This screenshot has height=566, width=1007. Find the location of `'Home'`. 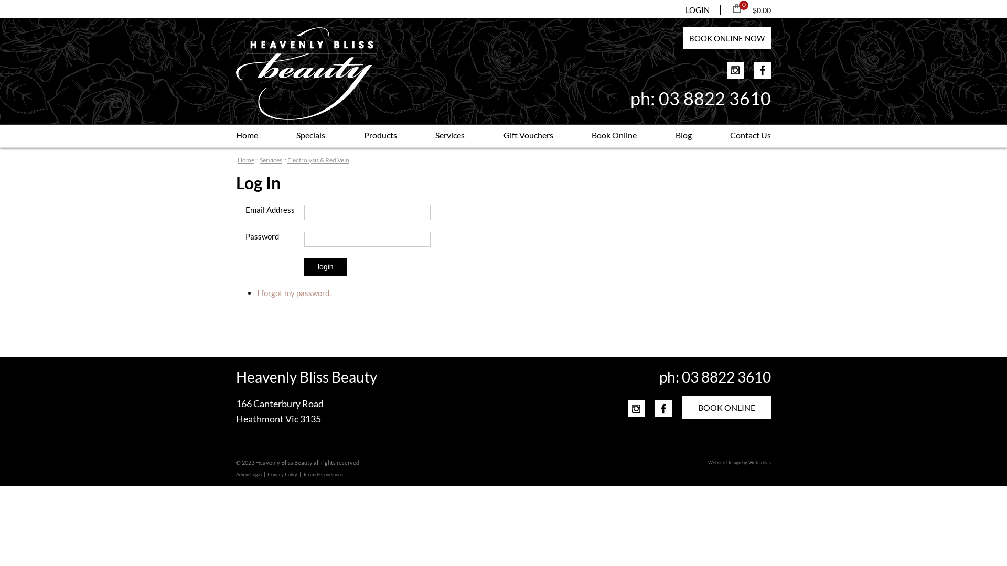

'Home' is located at coordinates (237, 160).